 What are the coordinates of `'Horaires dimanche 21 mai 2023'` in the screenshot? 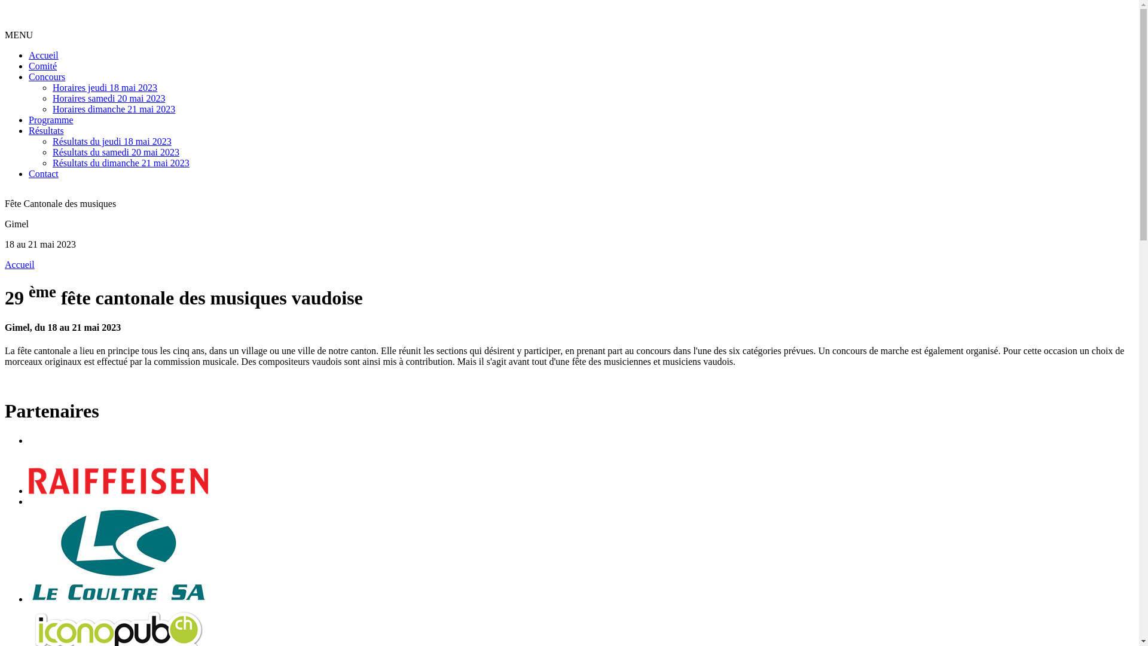 It's located at (51, 109).